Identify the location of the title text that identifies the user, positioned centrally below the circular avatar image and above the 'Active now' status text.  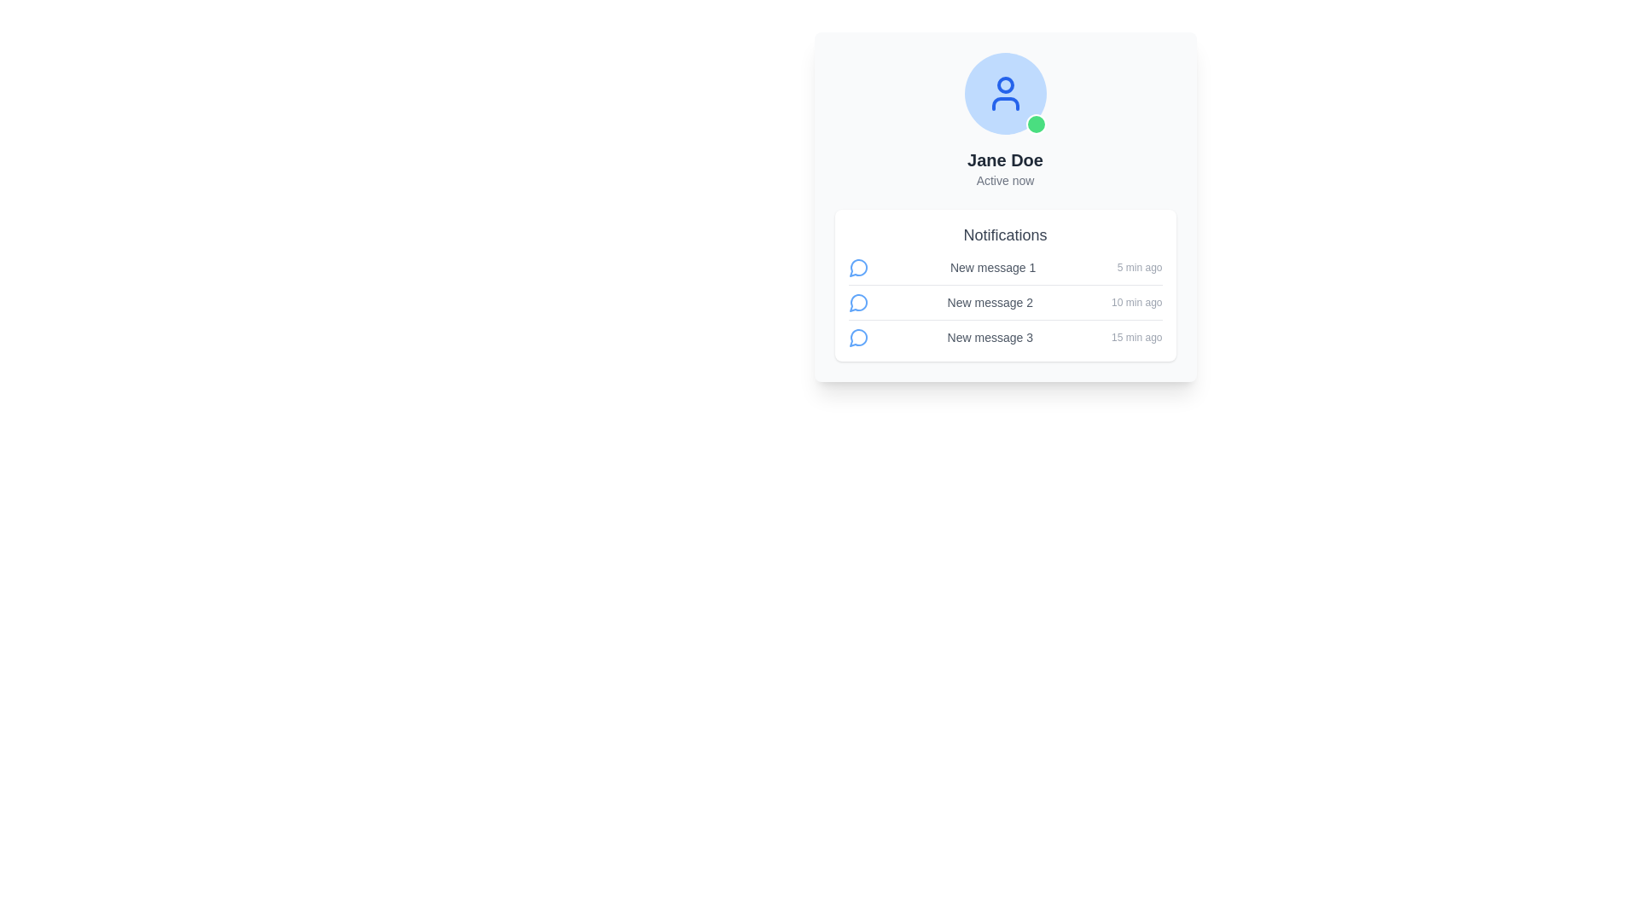
(1005, 160).